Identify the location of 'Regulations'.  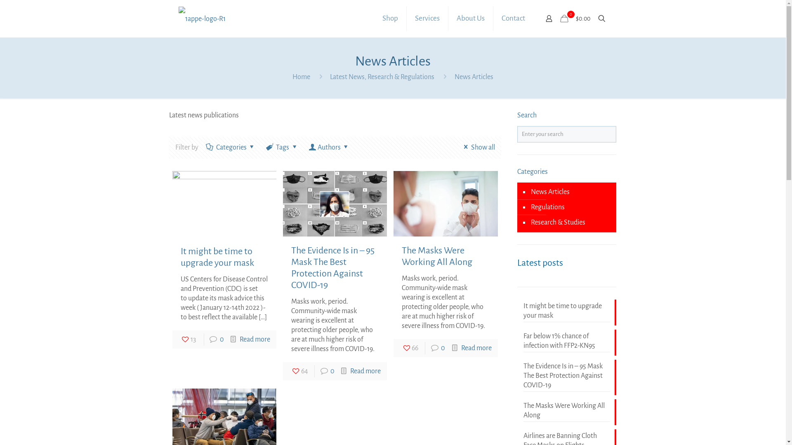
(547, 207).